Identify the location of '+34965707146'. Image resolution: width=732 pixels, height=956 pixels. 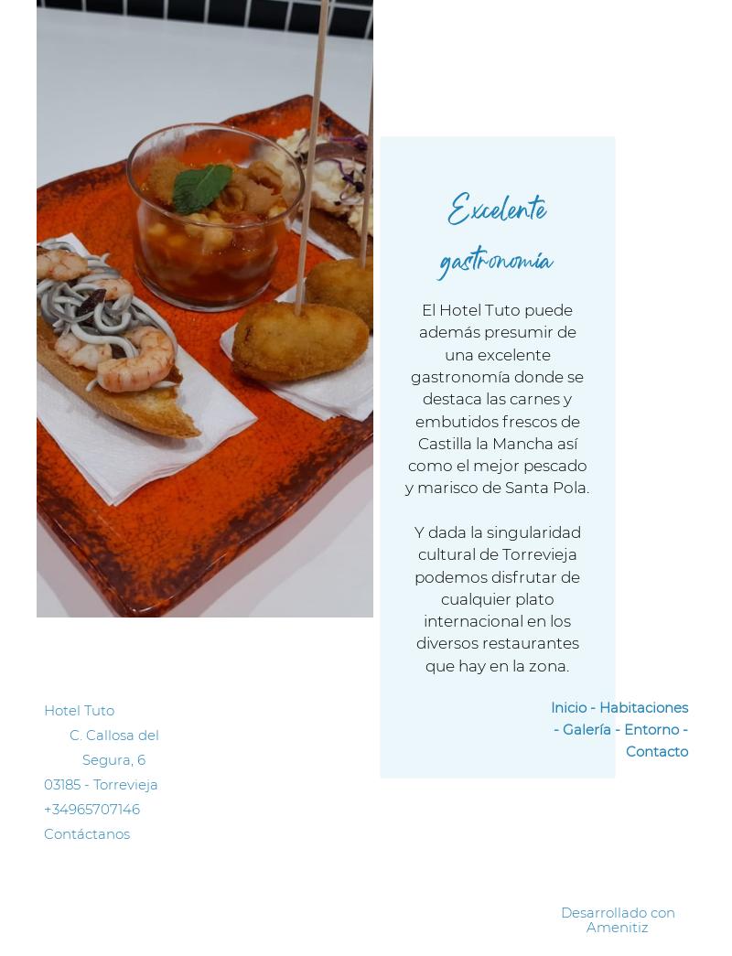
(91, 808).